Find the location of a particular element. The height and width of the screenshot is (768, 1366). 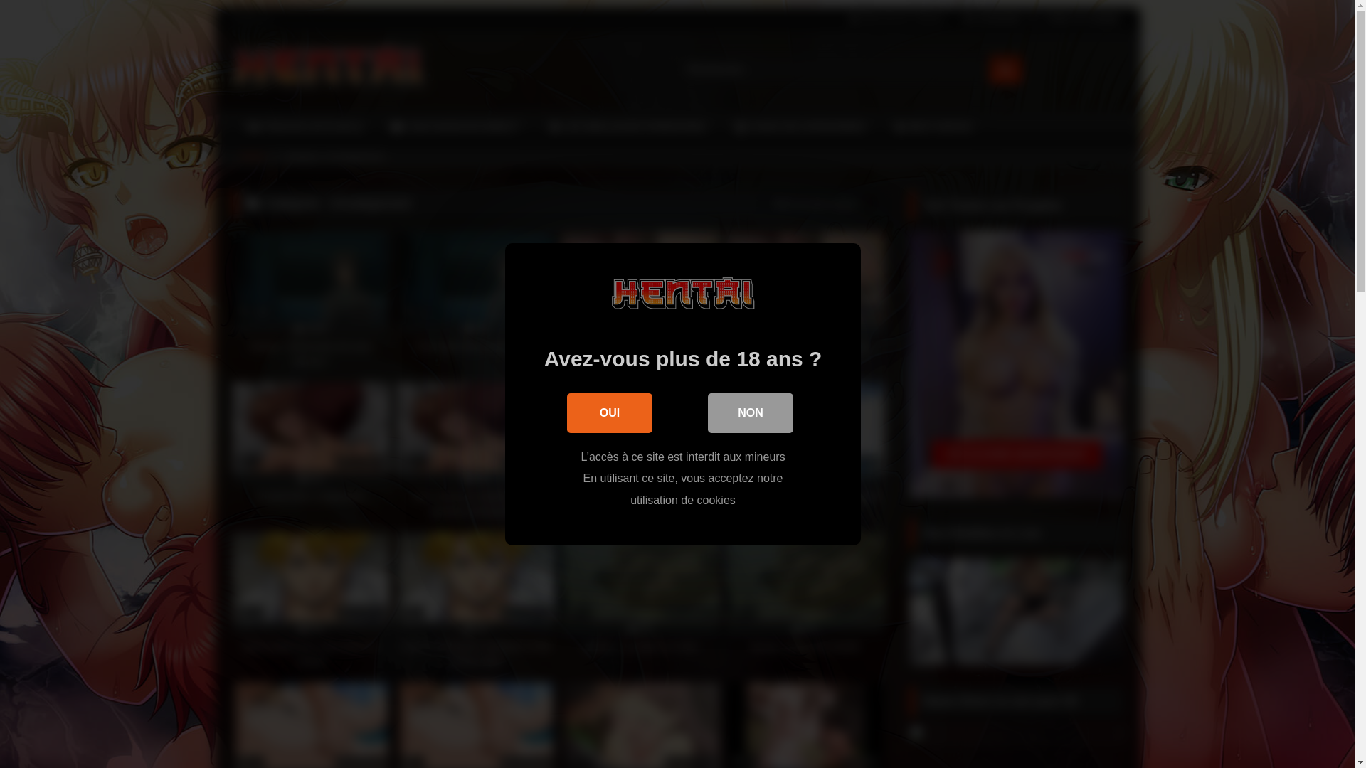

'Se connecter' is located at coordinates (991, 18).